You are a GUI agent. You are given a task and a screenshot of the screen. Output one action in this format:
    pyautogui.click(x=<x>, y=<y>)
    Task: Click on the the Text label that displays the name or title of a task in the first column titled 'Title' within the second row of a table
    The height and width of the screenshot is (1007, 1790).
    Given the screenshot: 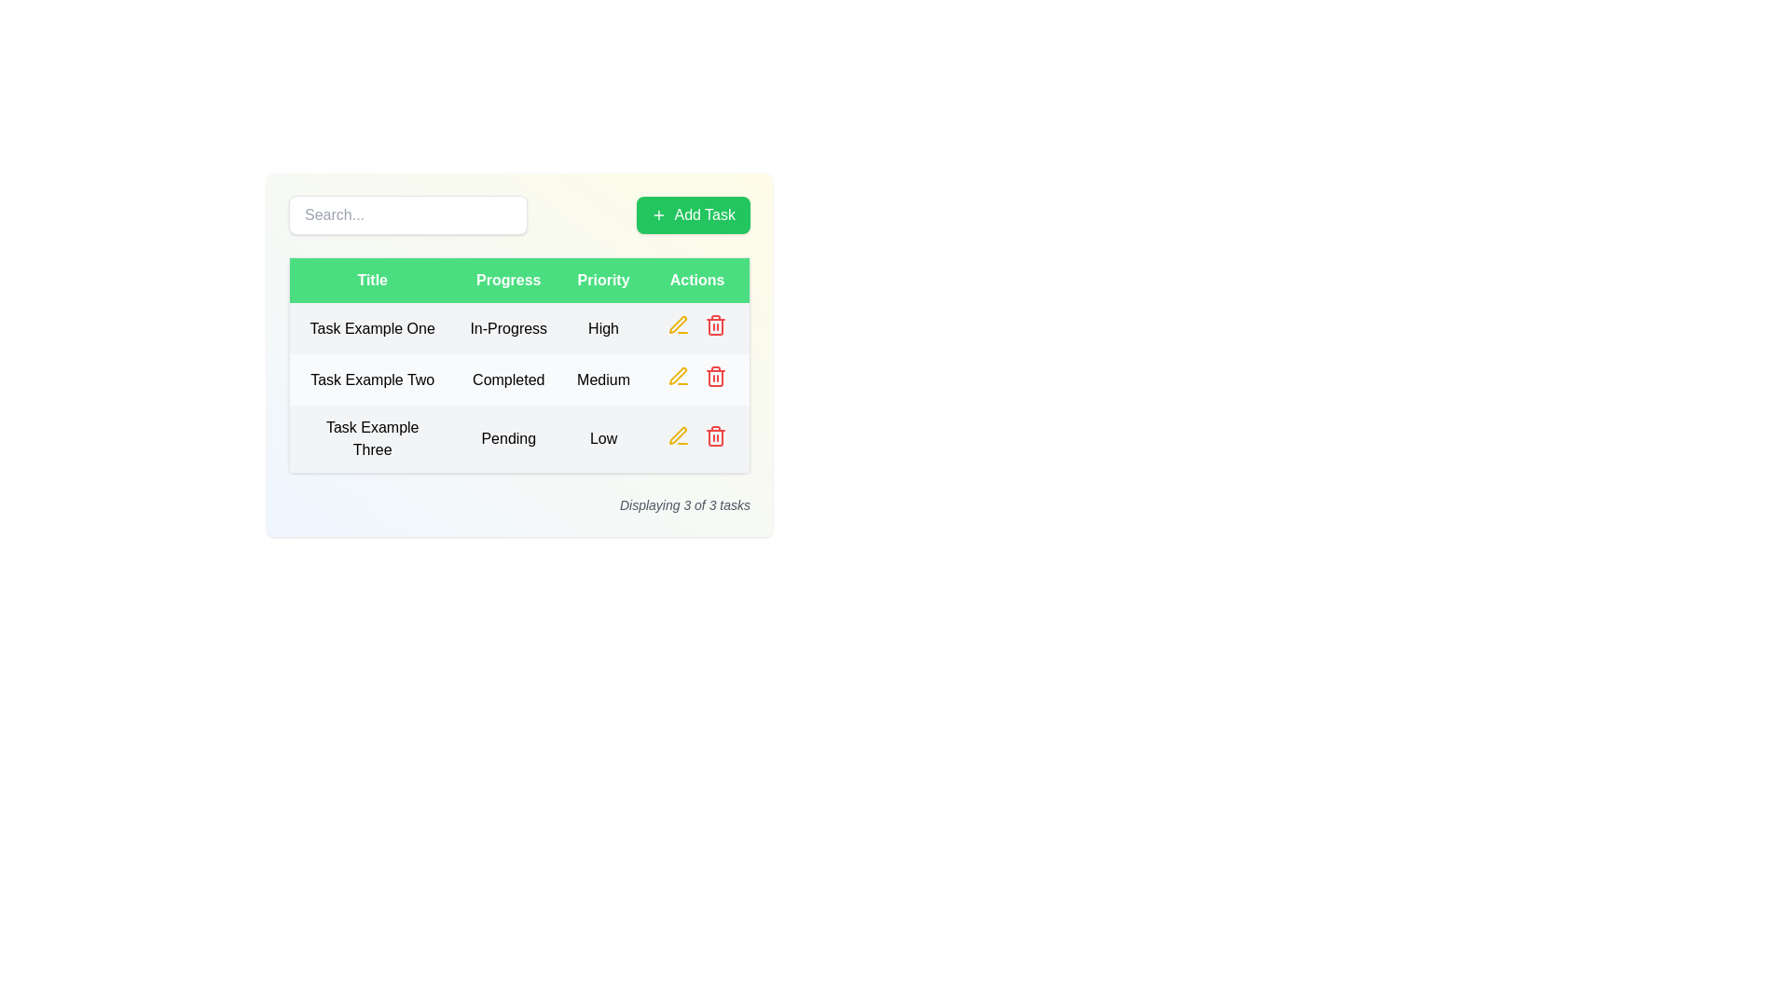 What is the action you would take?
    pyautogui.click(x=372, y=379)
    